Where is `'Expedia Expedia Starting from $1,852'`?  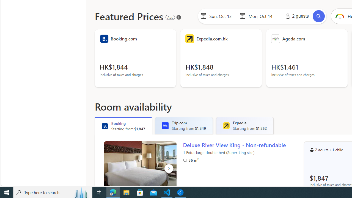 'Expedia Expedia Starting from $1,852' is located at coordinates (244, 125).